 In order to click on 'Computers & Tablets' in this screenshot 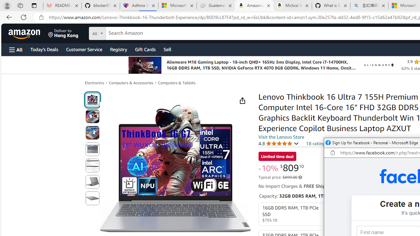, I will do `click(177, 83)`.